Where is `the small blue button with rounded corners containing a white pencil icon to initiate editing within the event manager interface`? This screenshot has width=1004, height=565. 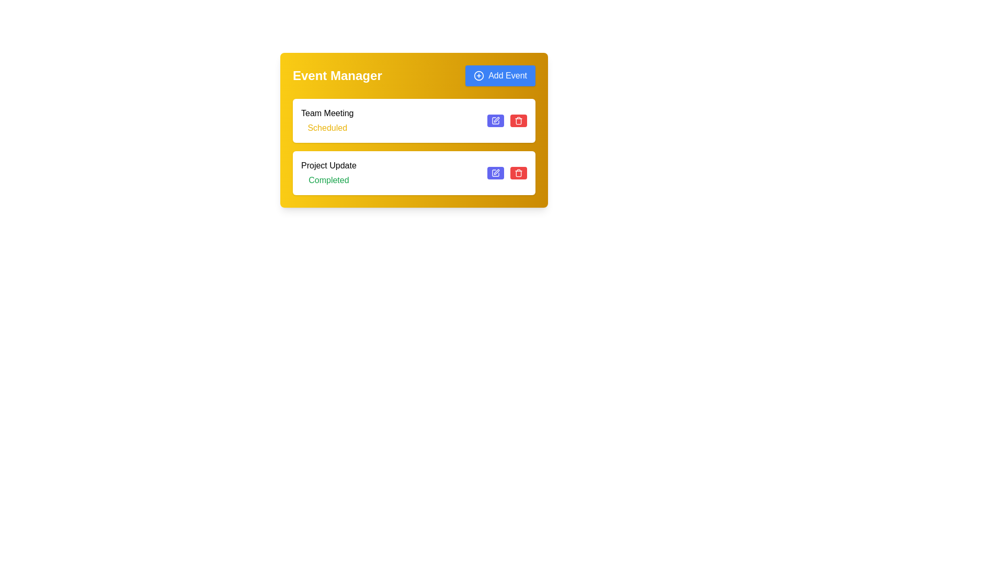 the small blue button with rounded corners containing a white pencil icon to initiate editing within the event manager interface is located at coordinates (495, 120).